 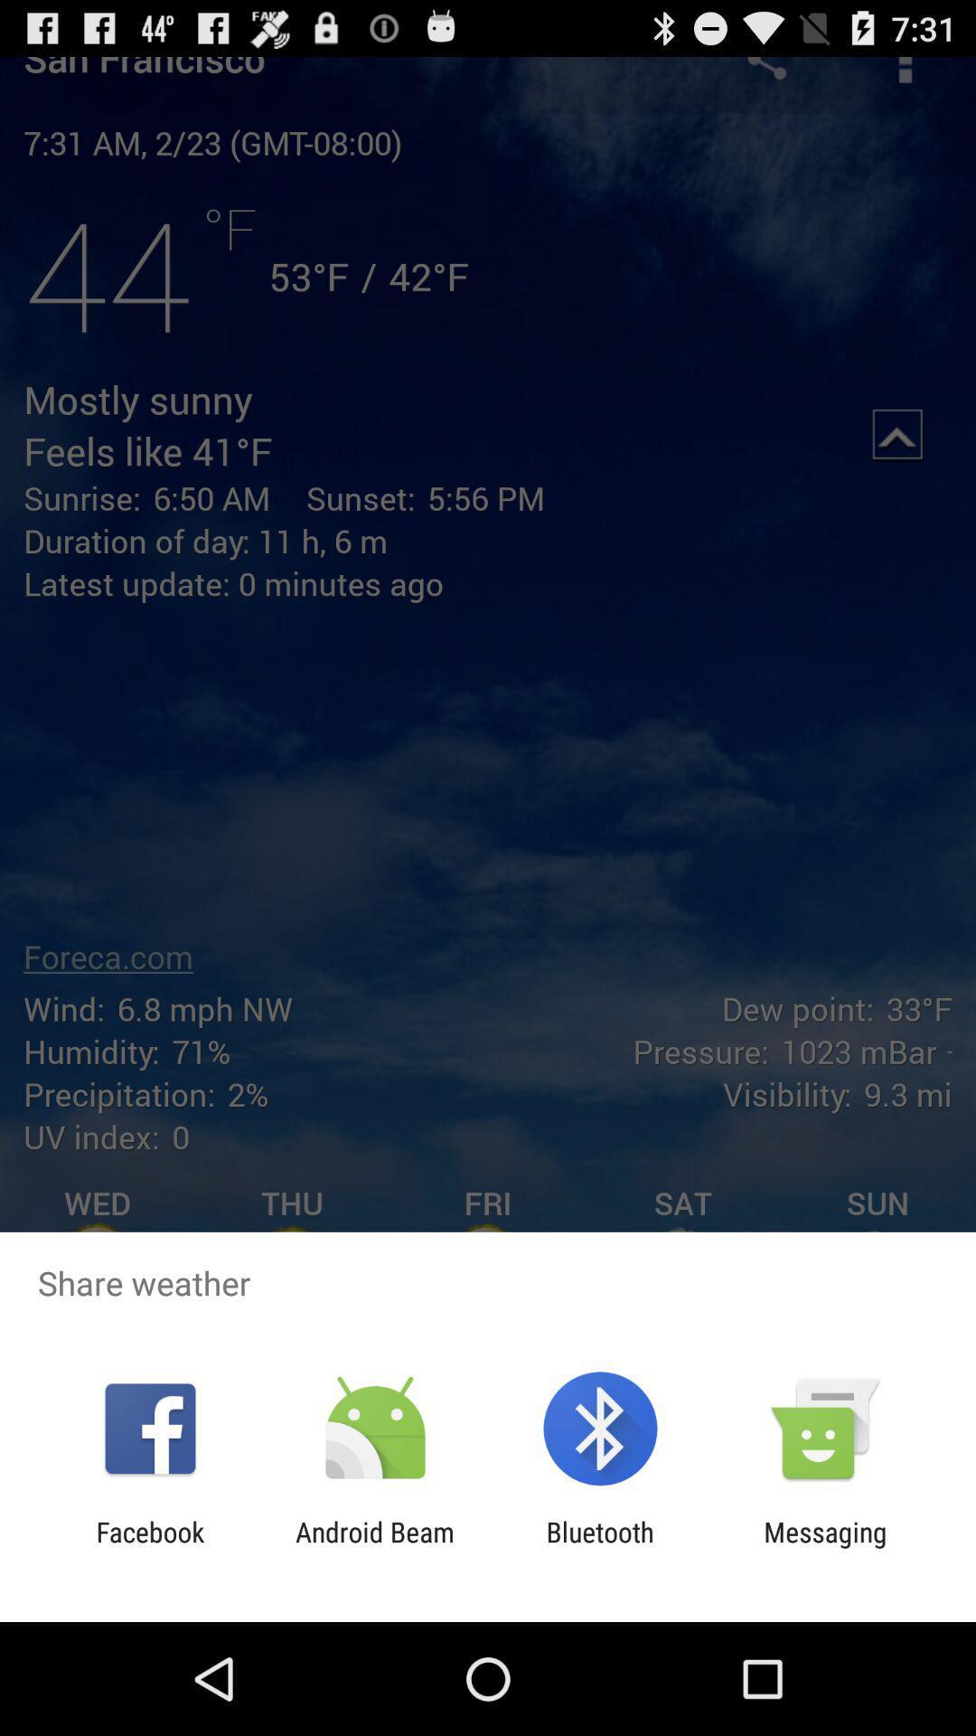 I want to click on the app to the left of the bluetooth item, so click(x=374, y=1547).